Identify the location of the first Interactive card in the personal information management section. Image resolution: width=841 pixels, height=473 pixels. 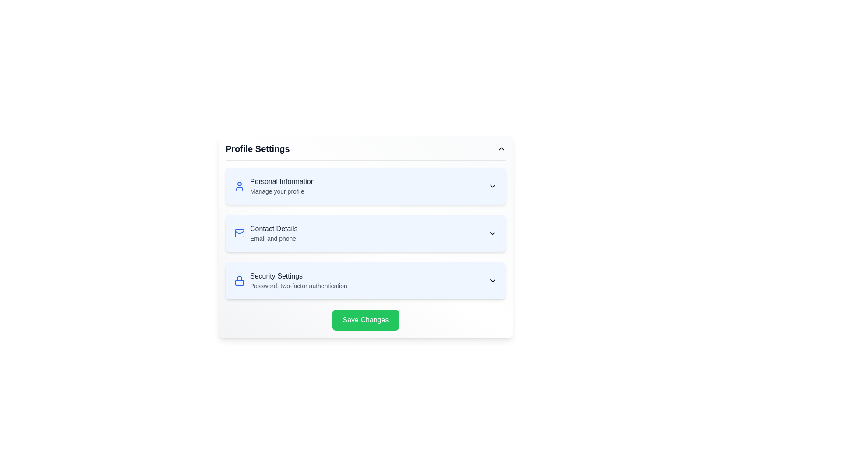
(366, 185).